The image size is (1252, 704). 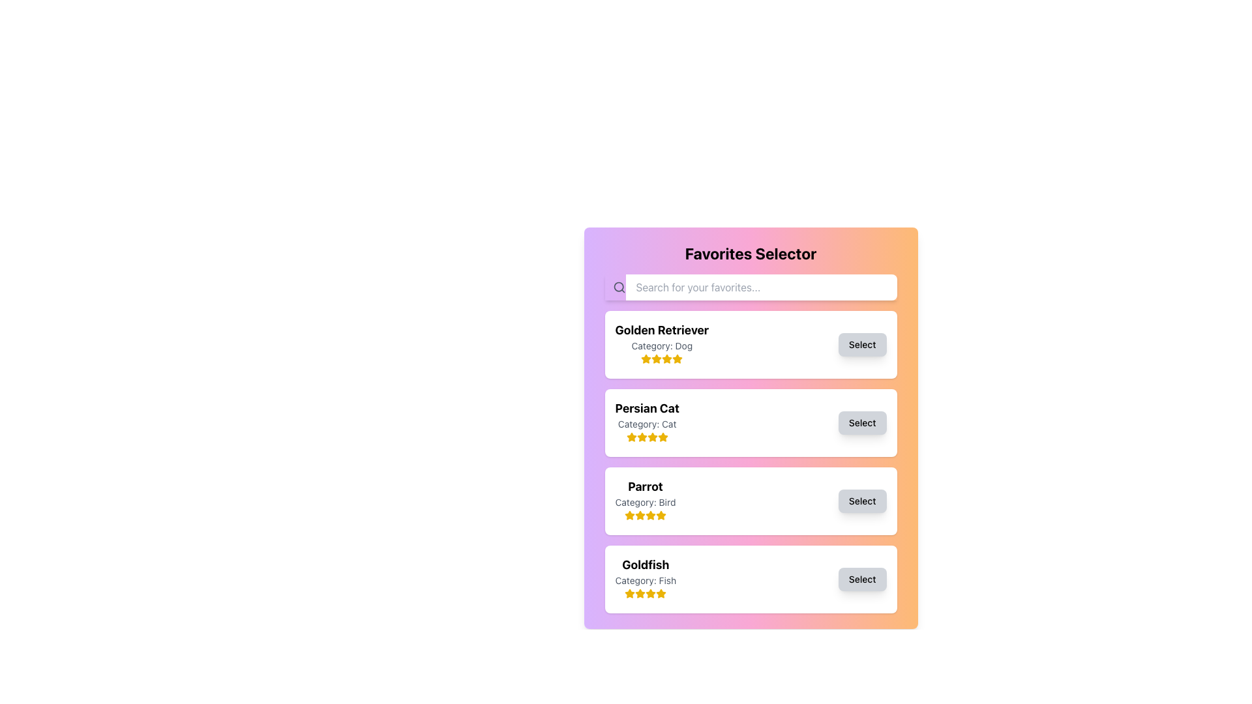 I want to click on the third filled star icon representing the third level of the rating for the 'Parrot' entry in the list, so click(x=640, y=514).